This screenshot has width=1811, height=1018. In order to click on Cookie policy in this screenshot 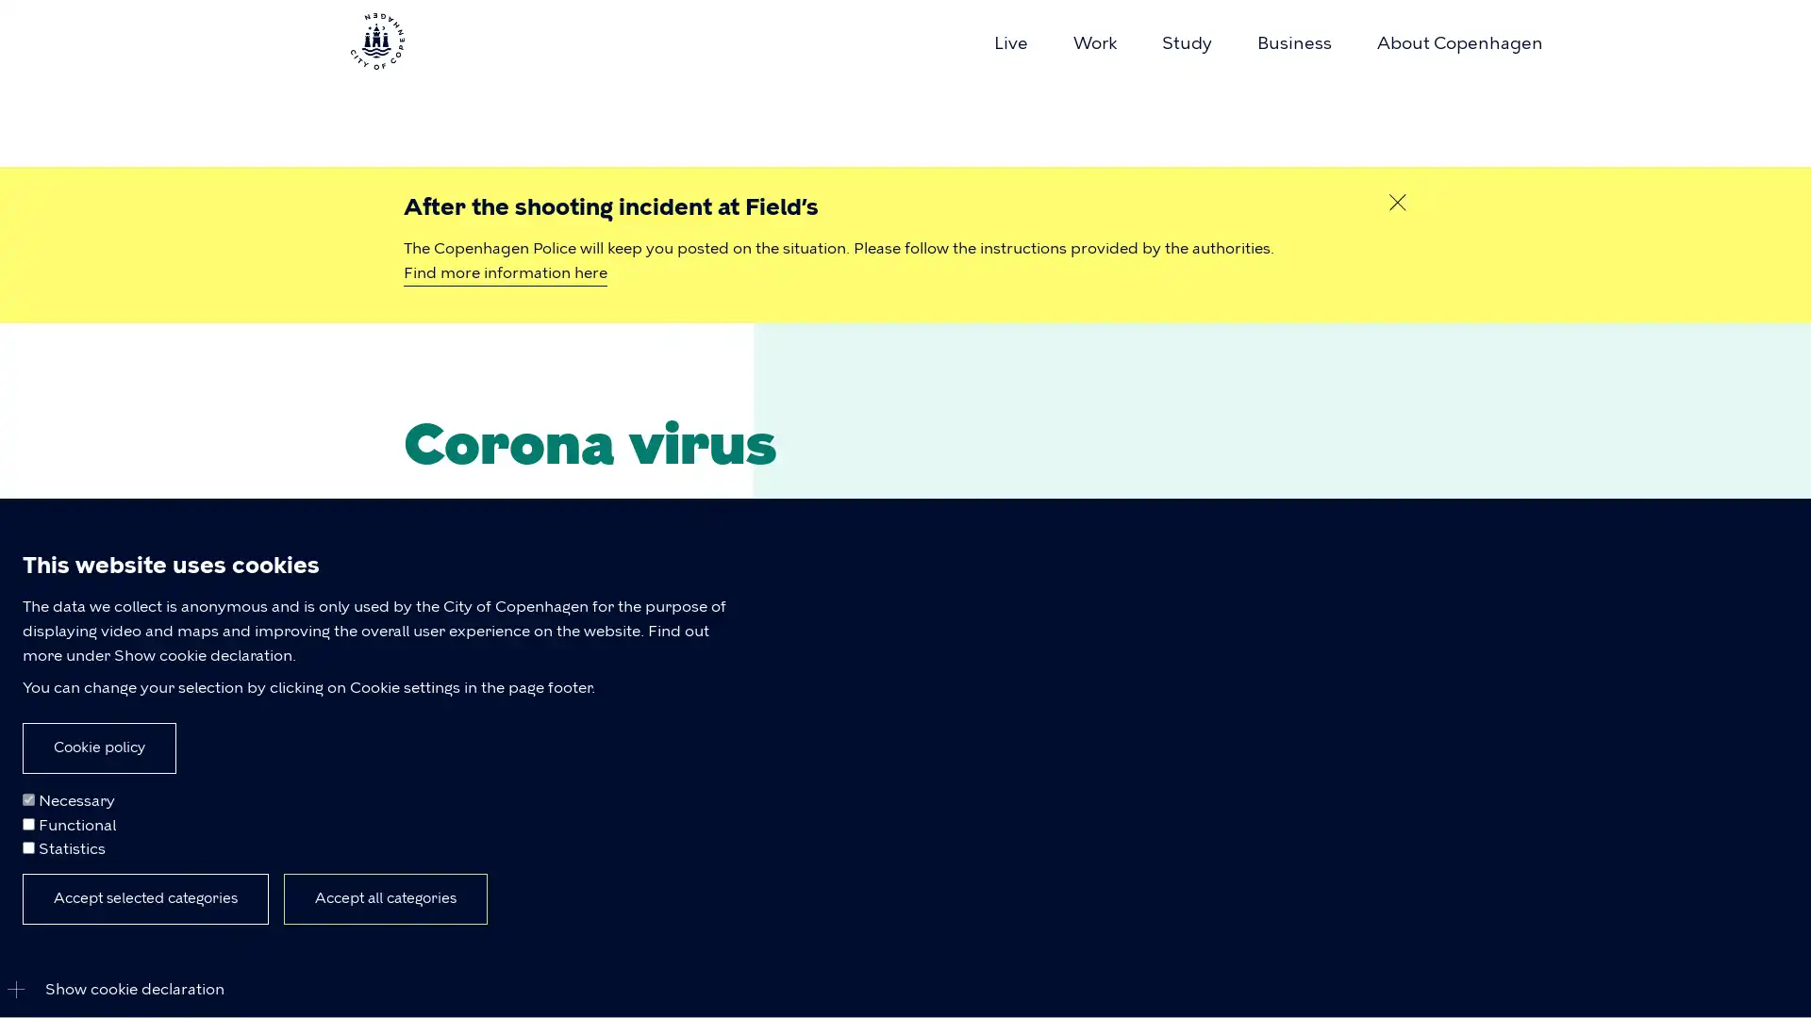, I will do `click(98, 747)`.